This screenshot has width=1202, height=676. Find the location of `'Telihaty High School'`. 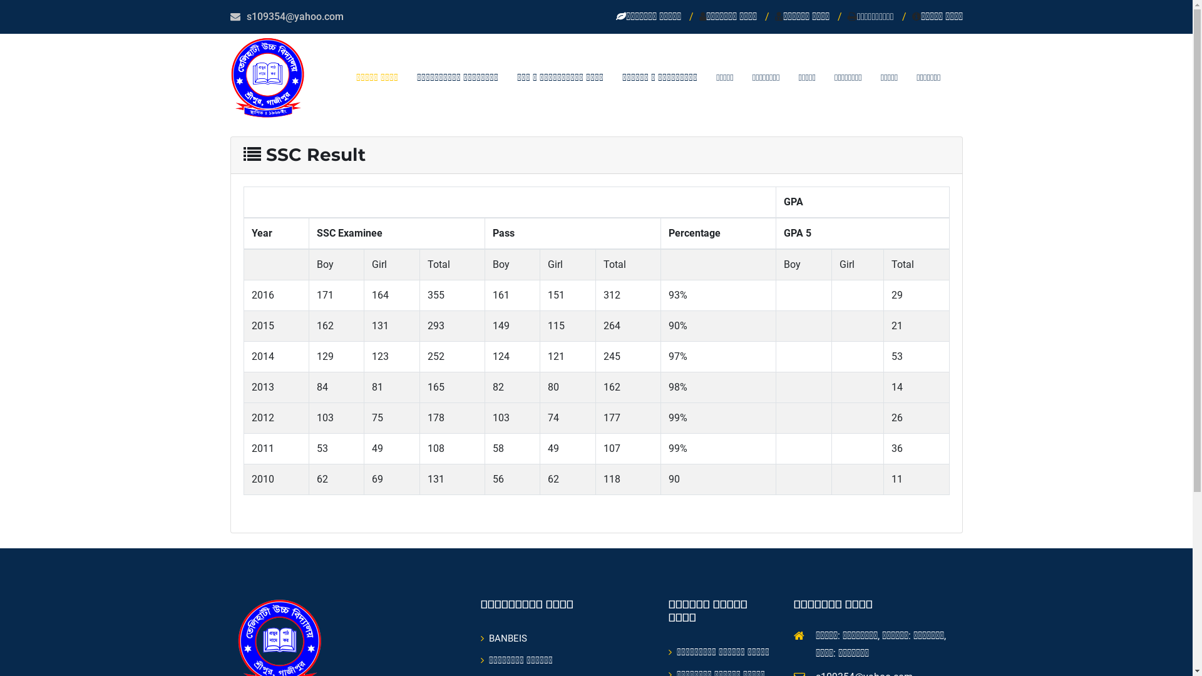

'Telihaty High School' is located at coordinates (267, 77).